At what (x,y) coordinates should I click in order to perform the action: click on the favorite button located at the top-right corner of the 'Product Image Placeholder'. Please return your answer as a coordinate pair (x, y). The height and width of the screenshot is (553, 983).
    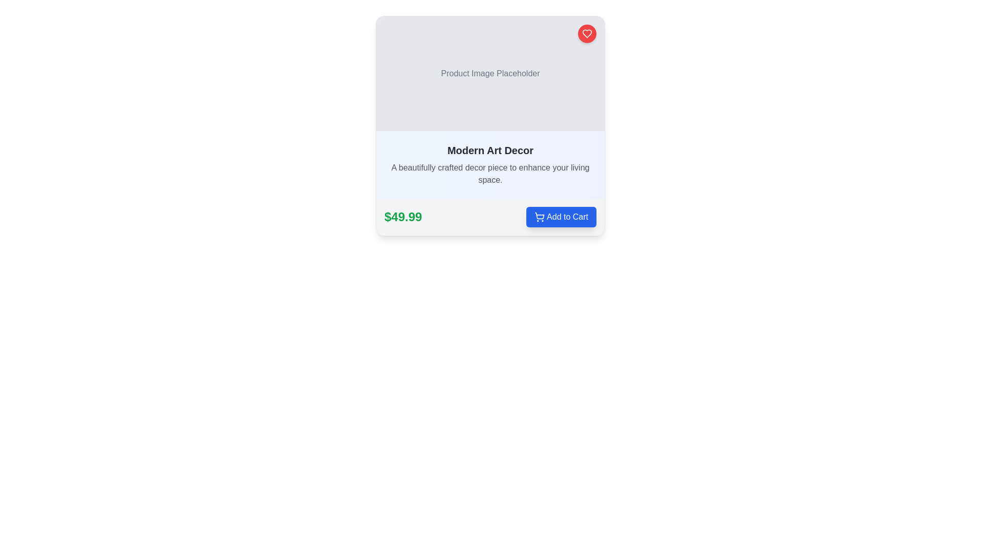
    Looking at the image, I should click on (587, 33).